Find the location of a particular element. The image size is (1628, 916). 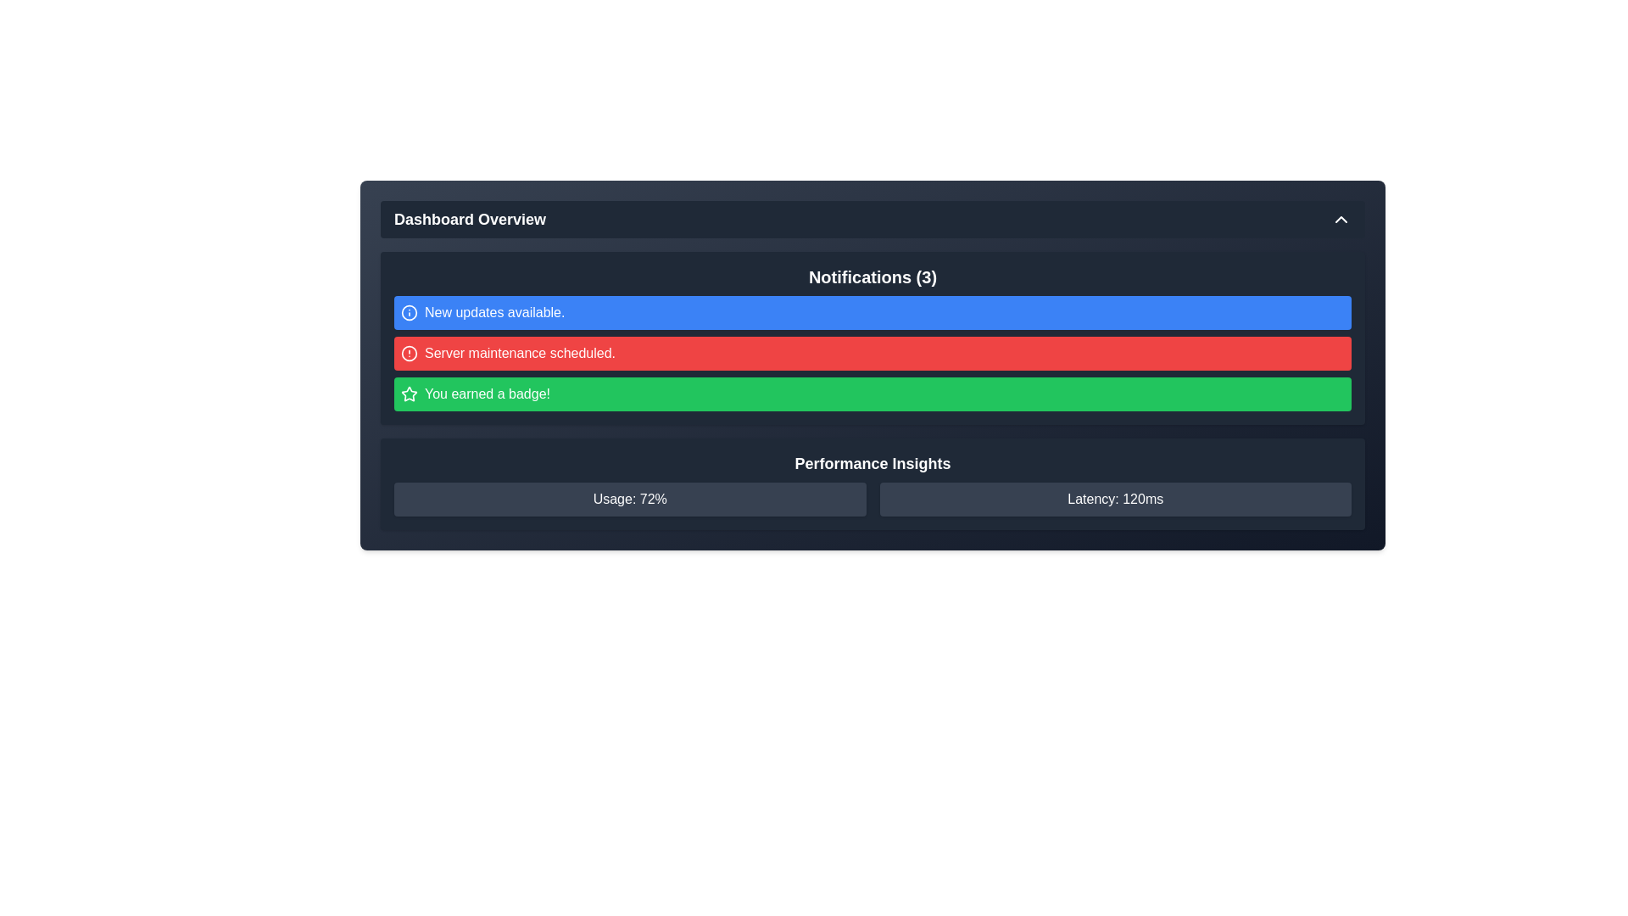

message displayed in the Notification Bar that is the second in a vertical stack of notifications, positioned between a blue notification above and a green notification below is located at coordinates (873, 352).